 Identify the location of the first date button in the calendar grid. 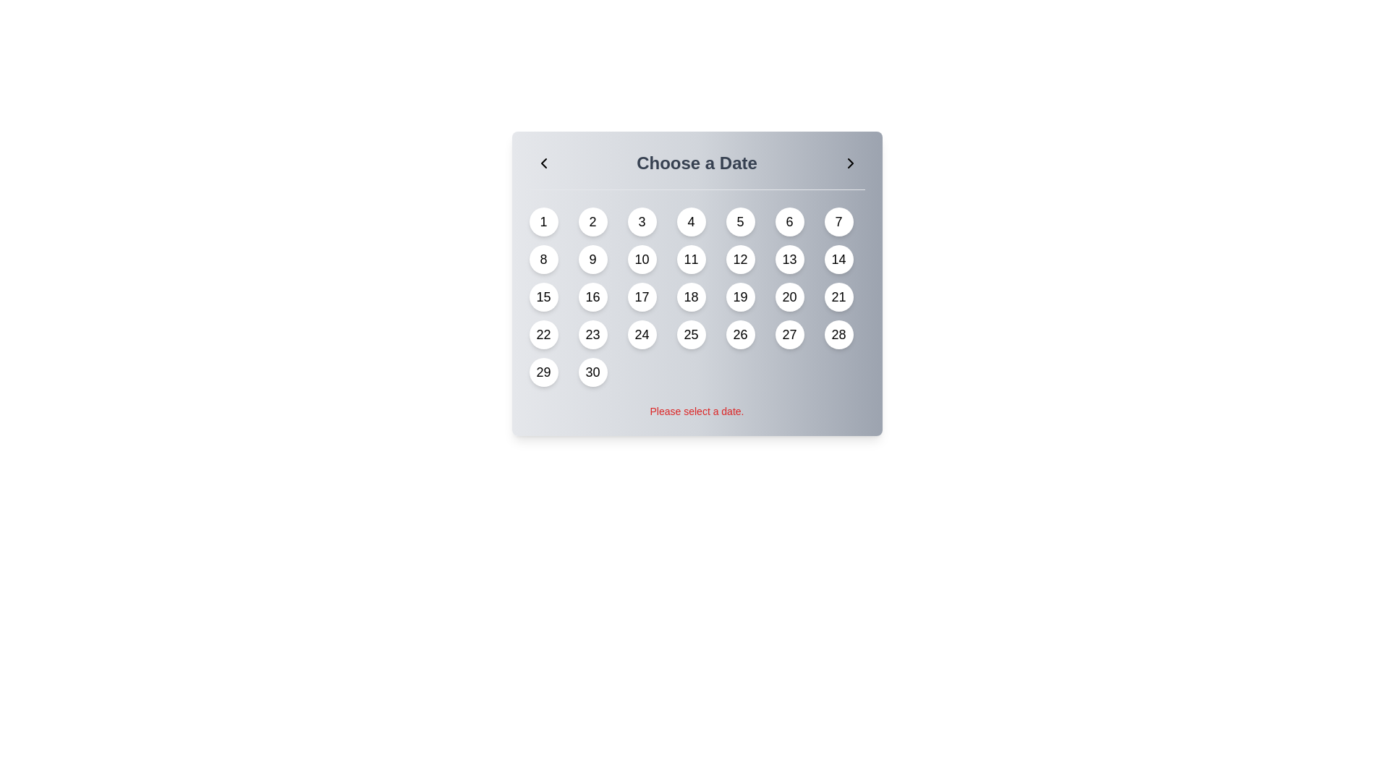
(543, 222).